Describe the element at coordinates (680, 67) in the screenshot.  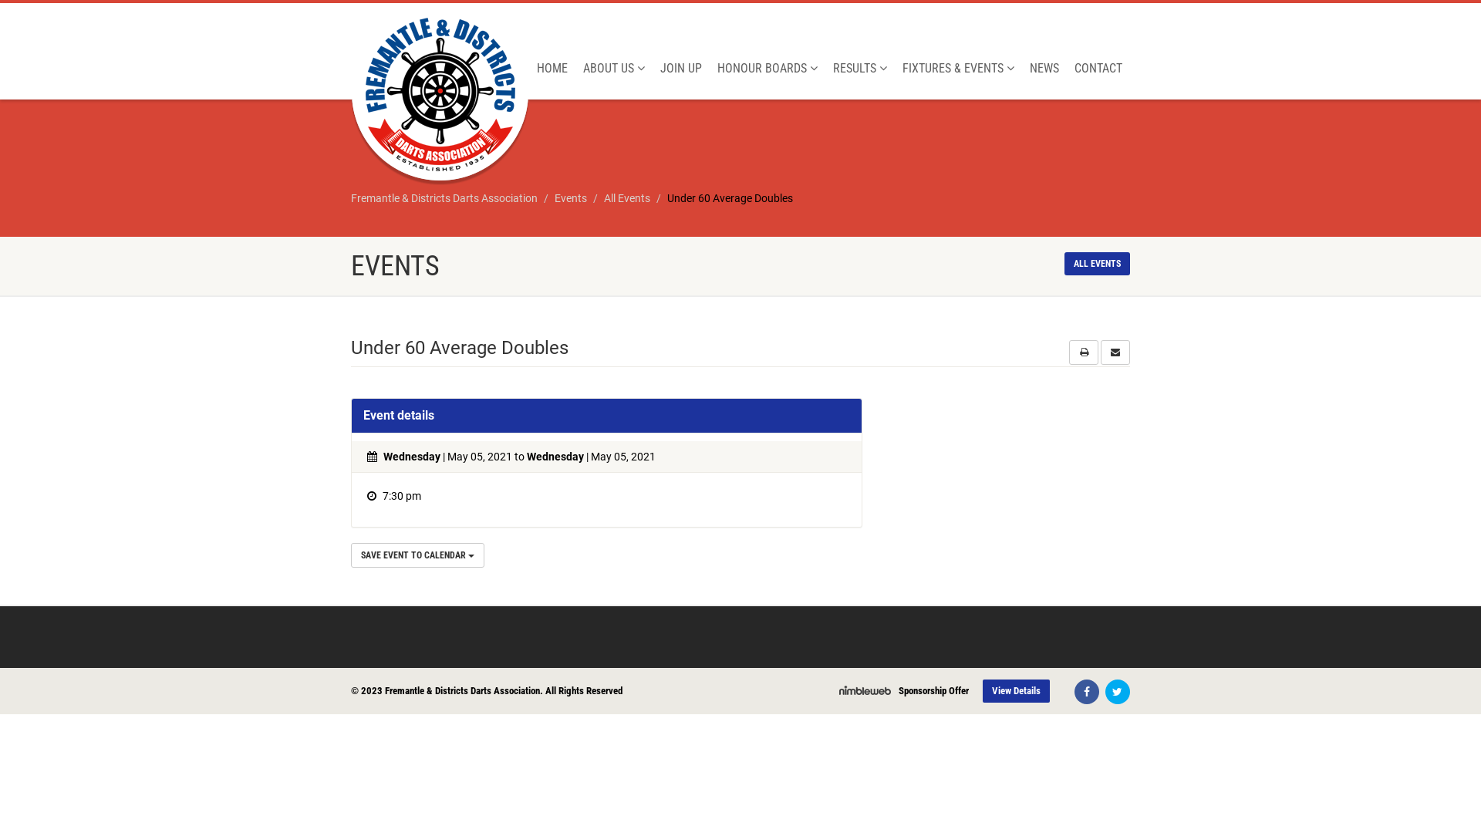
I see `'JOIN UP'` at that location.